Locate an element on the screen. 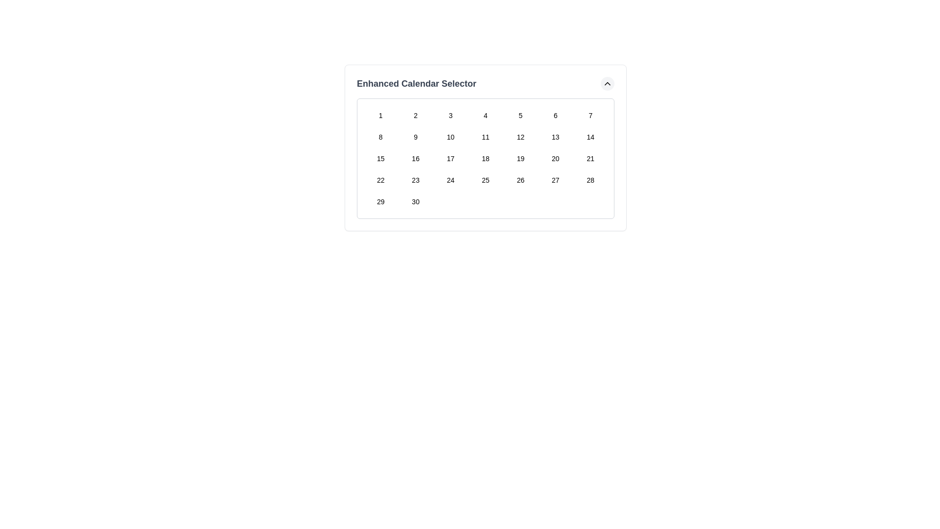 Image resolution: width=940 pixels, height=529 pixels. the icon in the top-right corner of the calendar interface is located at coordinates (607, 83).